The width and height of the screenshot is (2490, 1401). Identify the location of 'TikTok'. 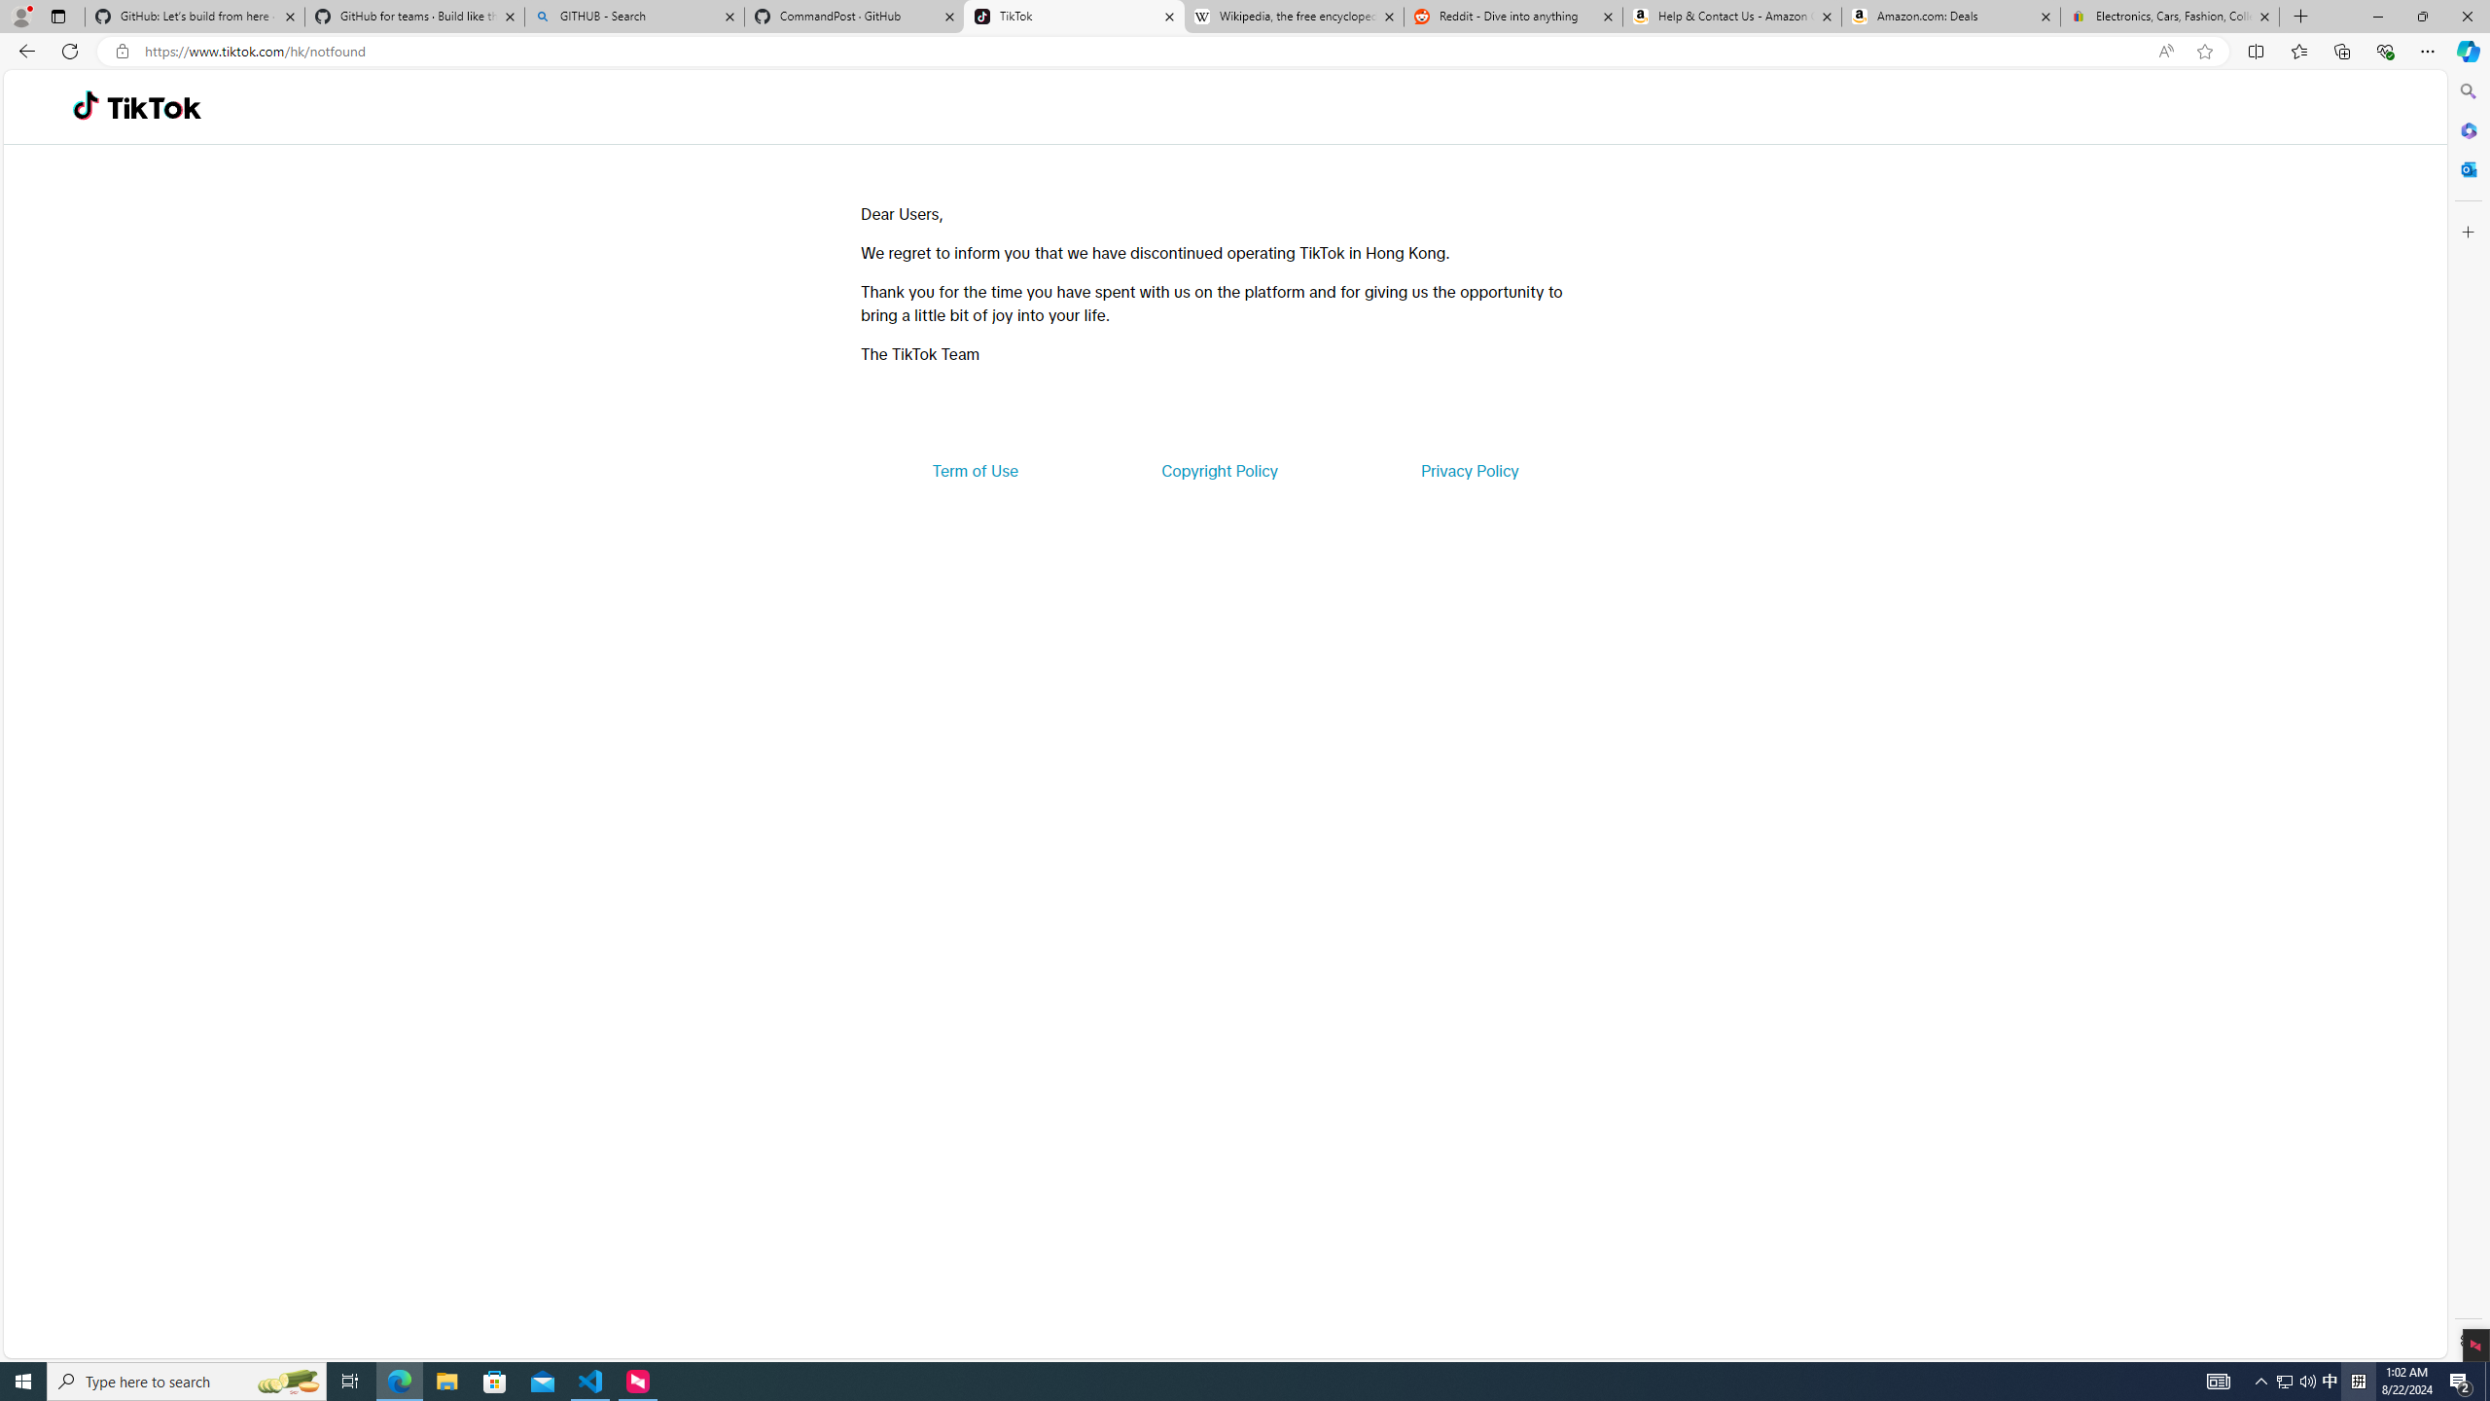
(154, 107).